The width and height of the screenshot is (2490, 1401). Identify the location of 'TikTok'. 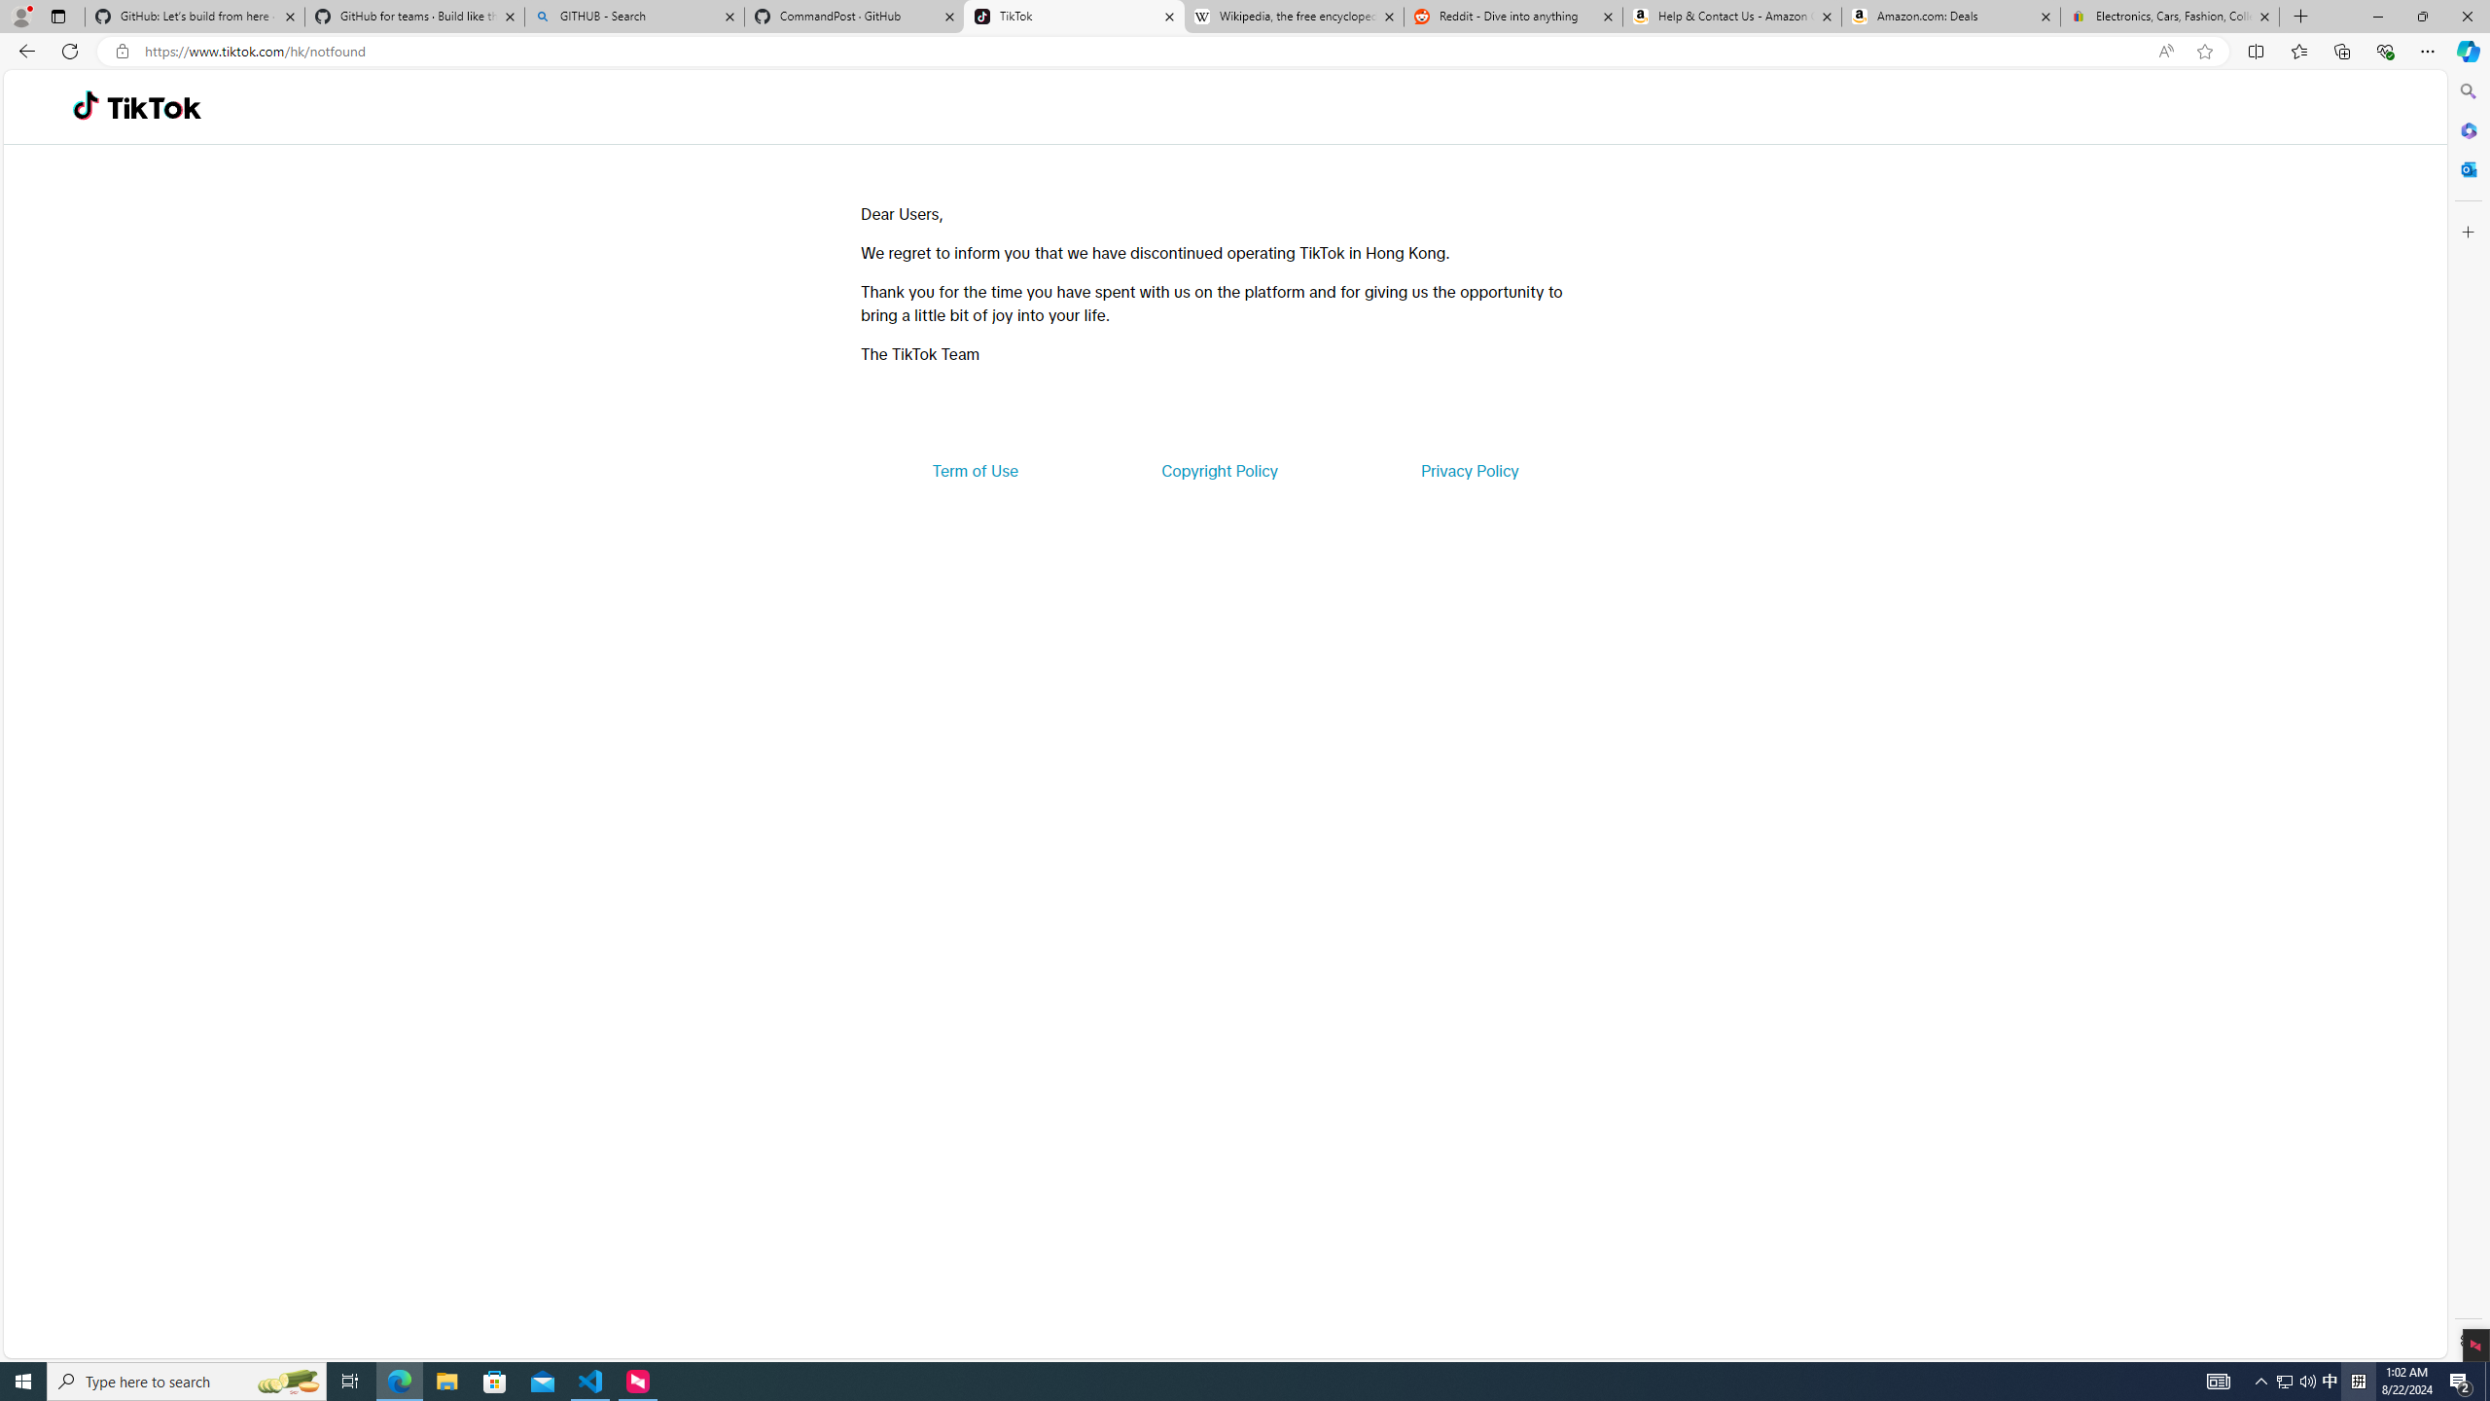
(154, 107).